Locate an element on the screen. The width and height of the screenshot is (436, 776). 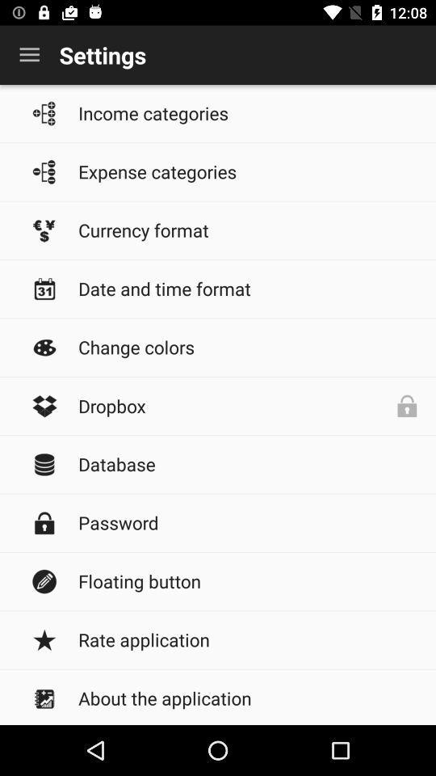
dropbox item is located at coordinates (249, 405).